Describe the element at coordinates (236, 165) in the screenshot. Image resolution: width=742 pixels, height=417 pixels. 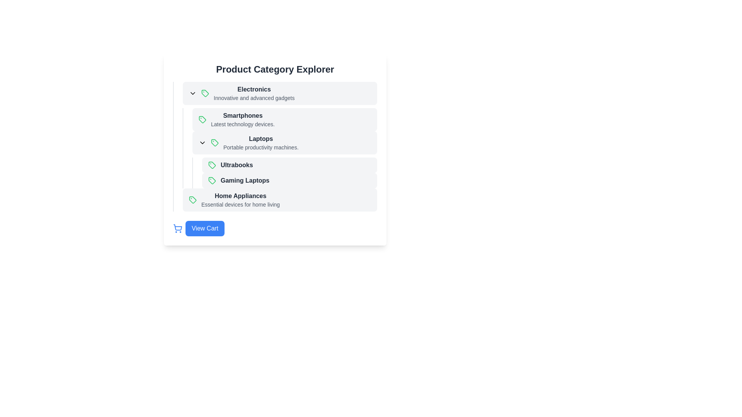
I see `the static text label displaying 'Ultrabooks' in bold, dark gray text, which is located beneath the 'Laptops' section header and aligned with a green tag icon` at that location.